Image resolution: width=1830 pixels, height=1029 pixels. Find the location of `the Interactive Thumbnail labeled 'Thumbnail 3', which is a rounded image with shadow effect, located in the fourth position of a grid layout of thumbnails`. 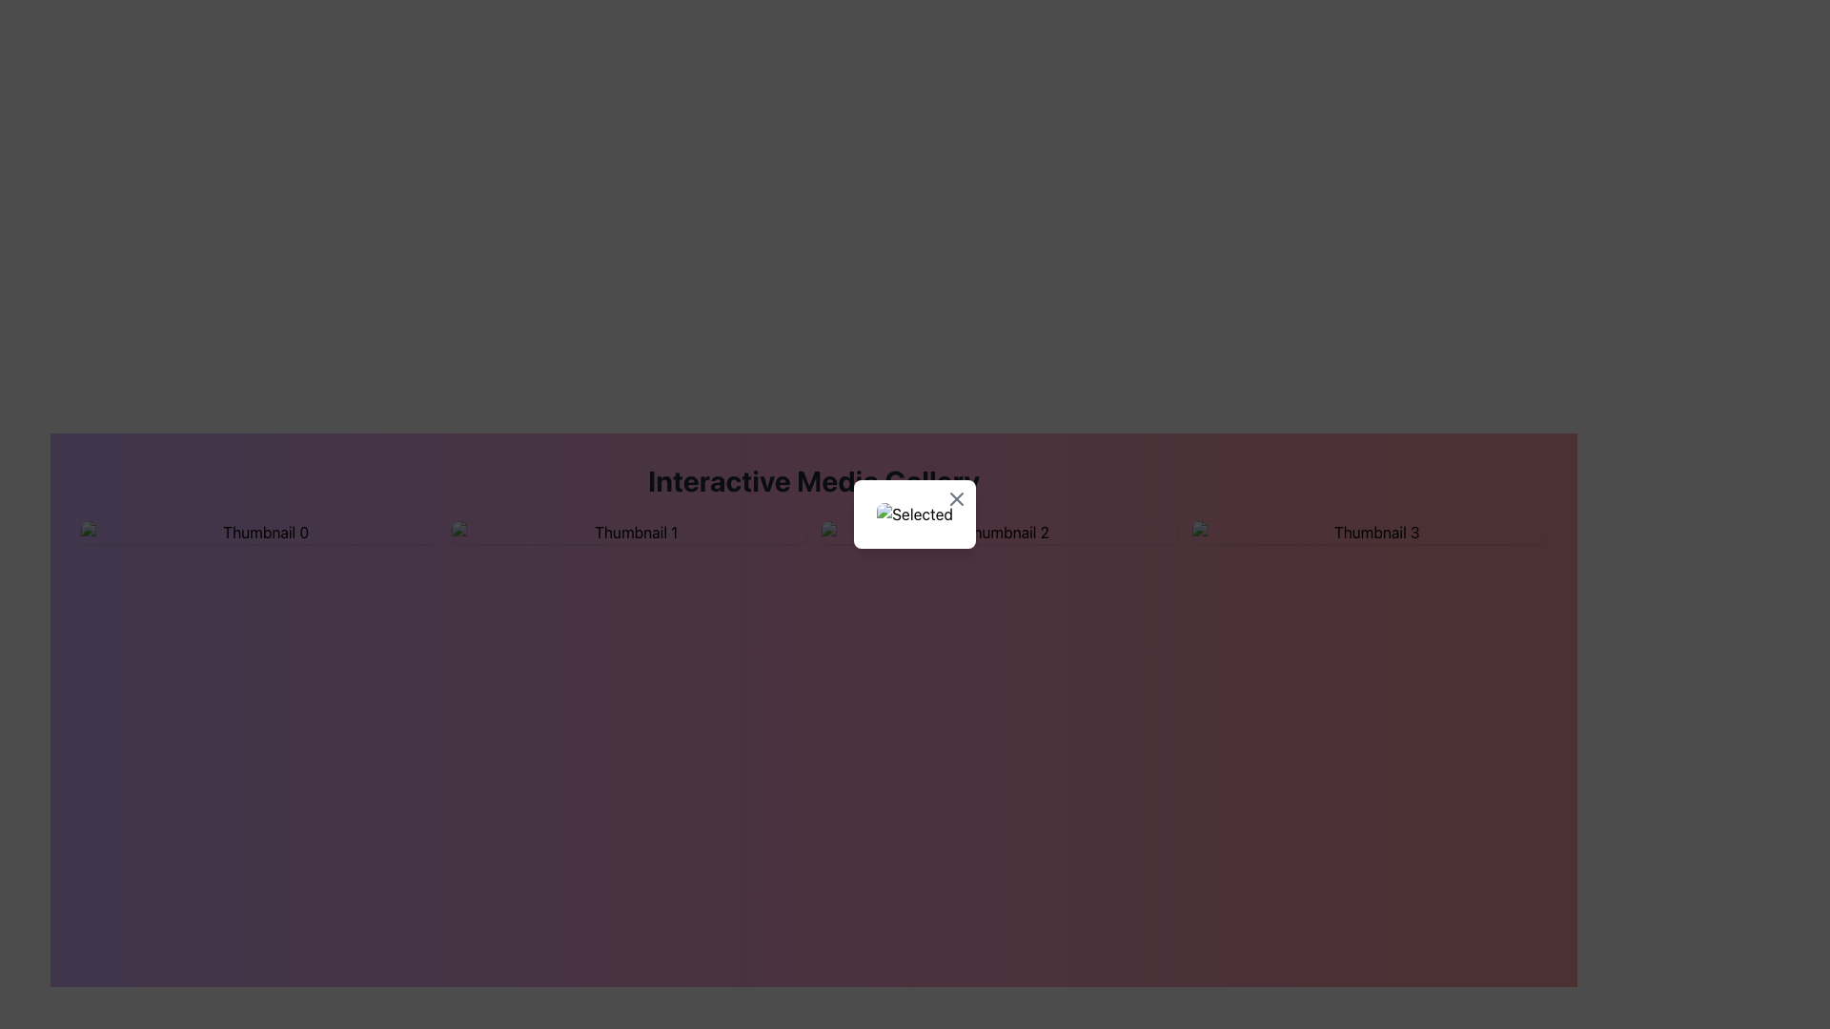

the Interactive Thumbnail labeled 'Thumbnail 3', which is a rounded image with shadow effect, located in the fourth position of a grid layout of thumbnails is located at coordinates (1368, 533).